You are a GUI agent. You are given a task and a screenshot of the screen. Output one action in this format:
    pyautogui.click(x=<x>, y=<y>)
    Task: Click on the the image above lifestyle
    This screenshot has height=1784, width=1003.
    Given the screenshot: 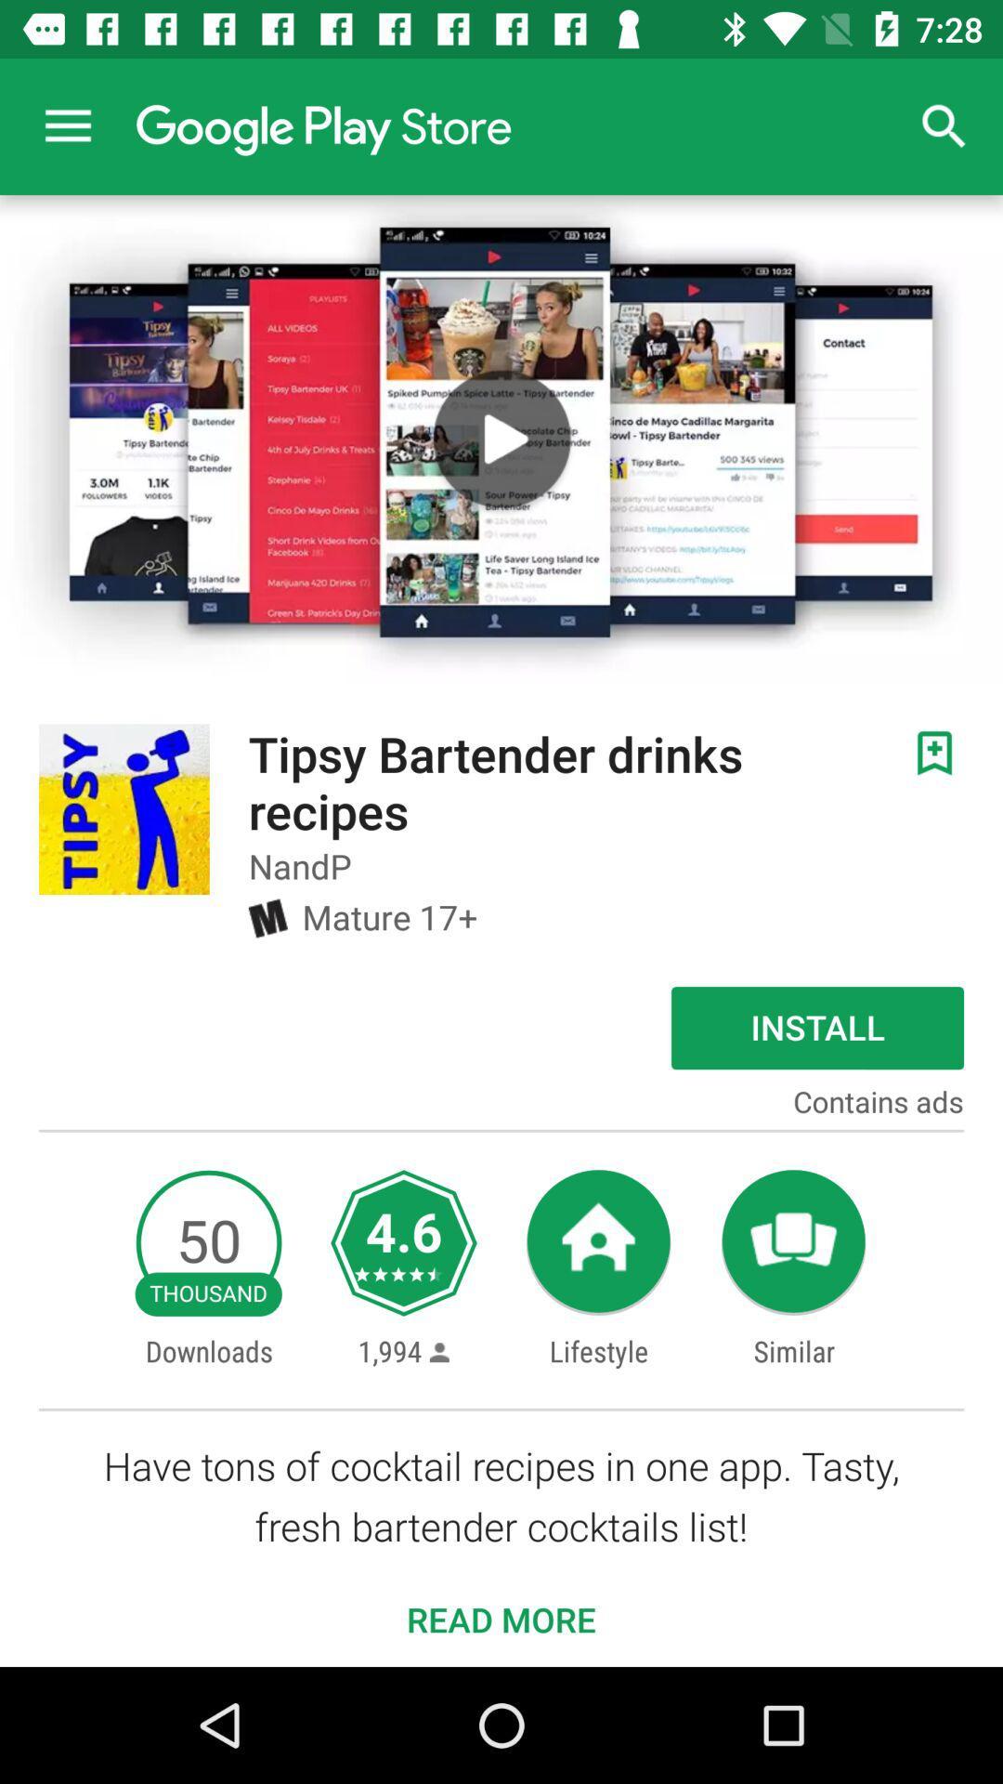 What is the action you would take?
    pyautogui.click(x=598, y=1243)
    